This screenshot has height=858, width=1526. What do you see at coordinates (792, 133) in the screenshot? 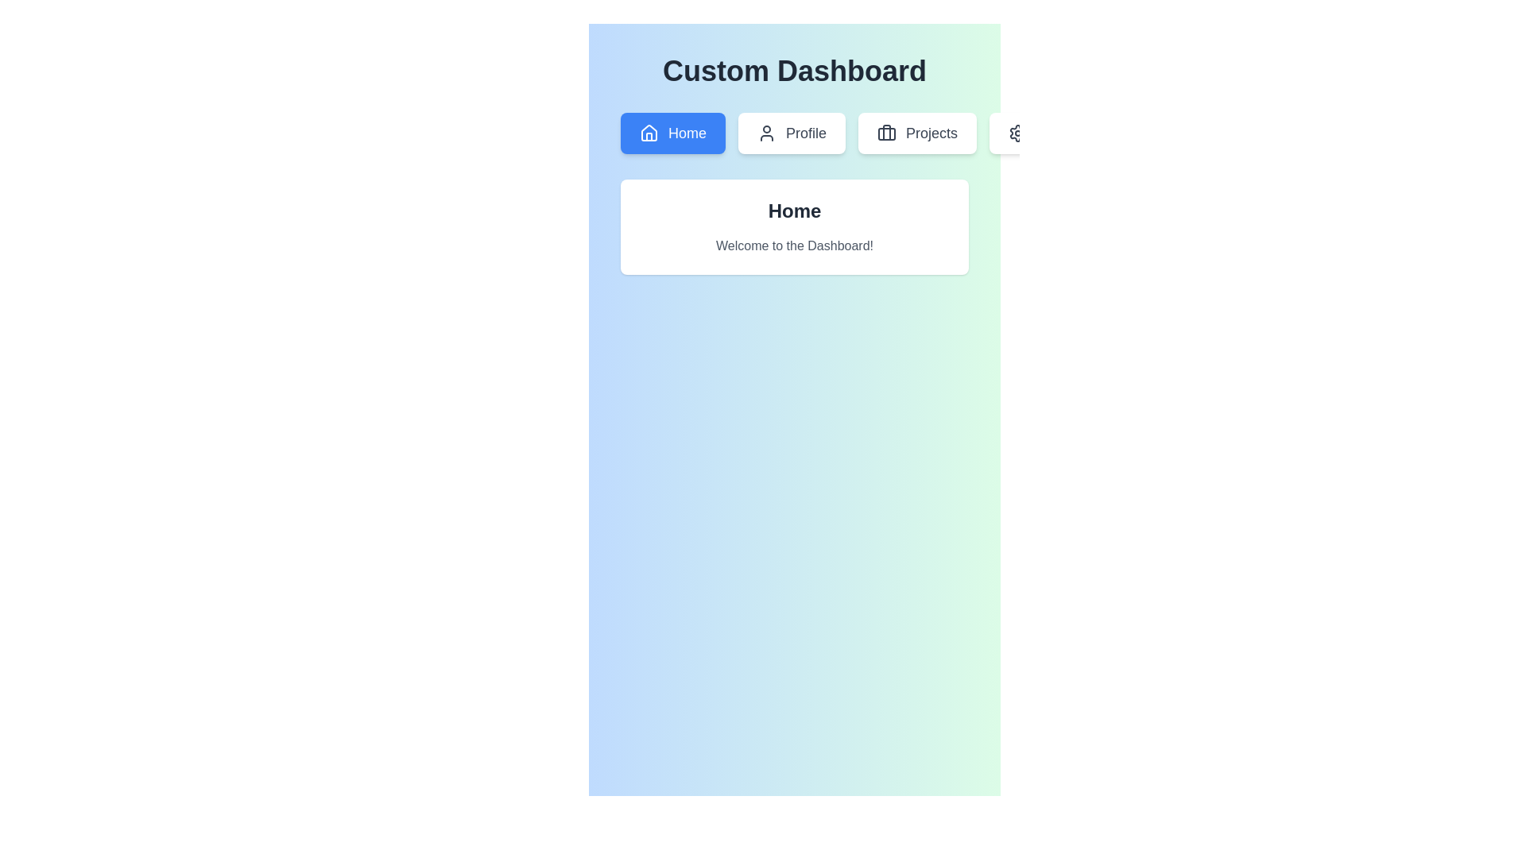
I see `the second button in the horizontal navigation group` at bounding box center [792, 133].